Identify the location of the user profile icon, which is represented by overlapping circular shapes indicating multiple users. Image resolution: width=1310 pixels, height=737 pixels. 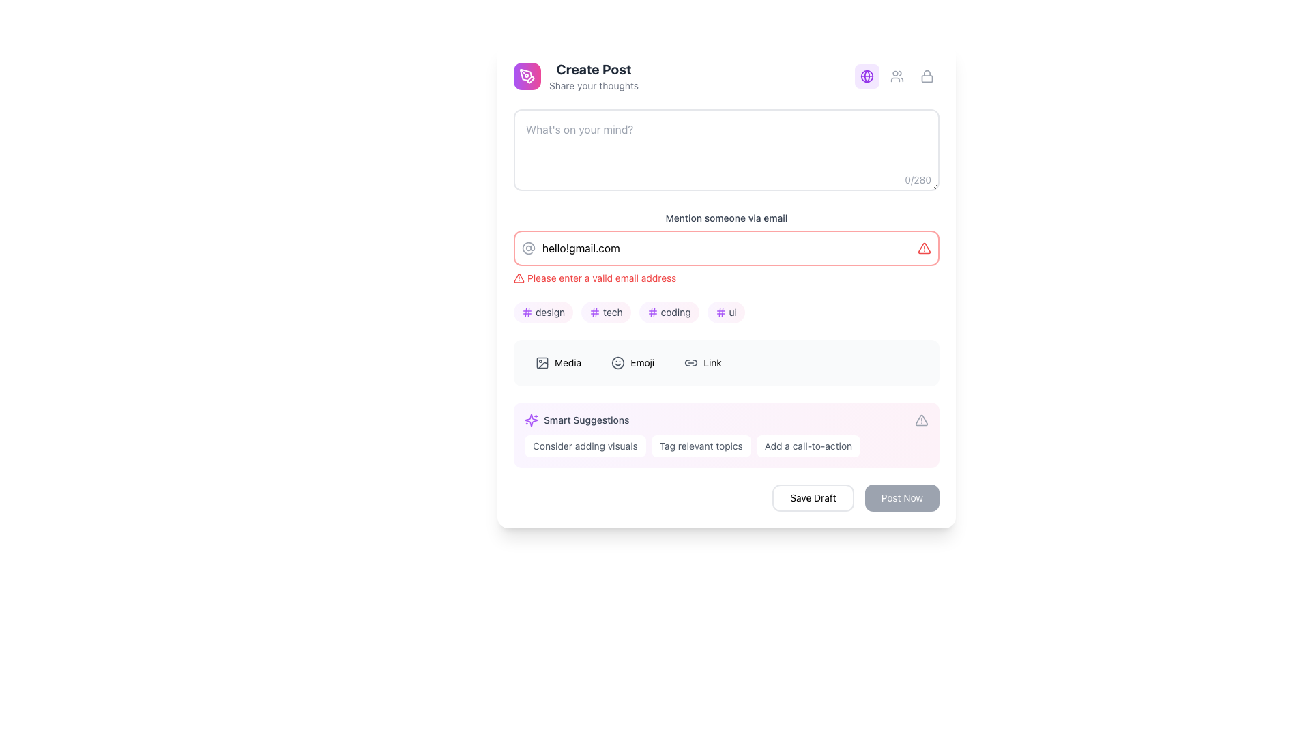
(897, 76).